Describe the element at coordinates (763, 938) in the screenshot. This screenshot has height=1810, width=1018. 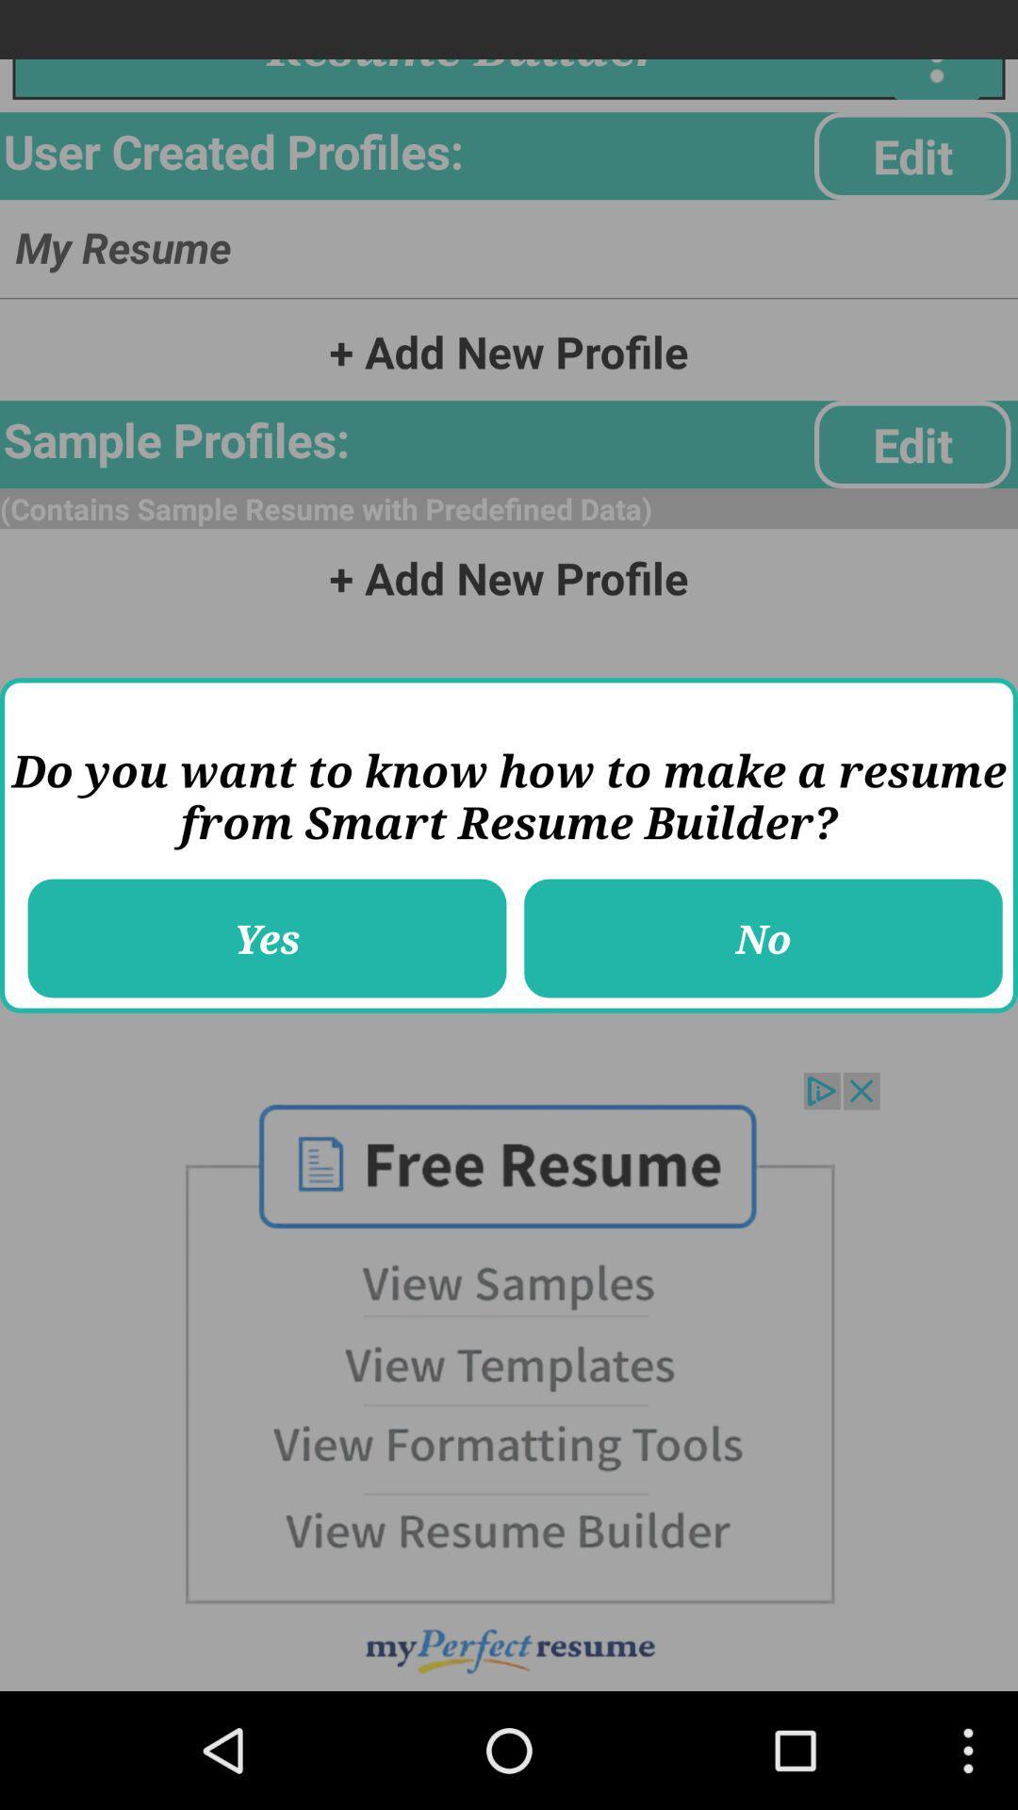
I see `the item below the do you want` at that location.